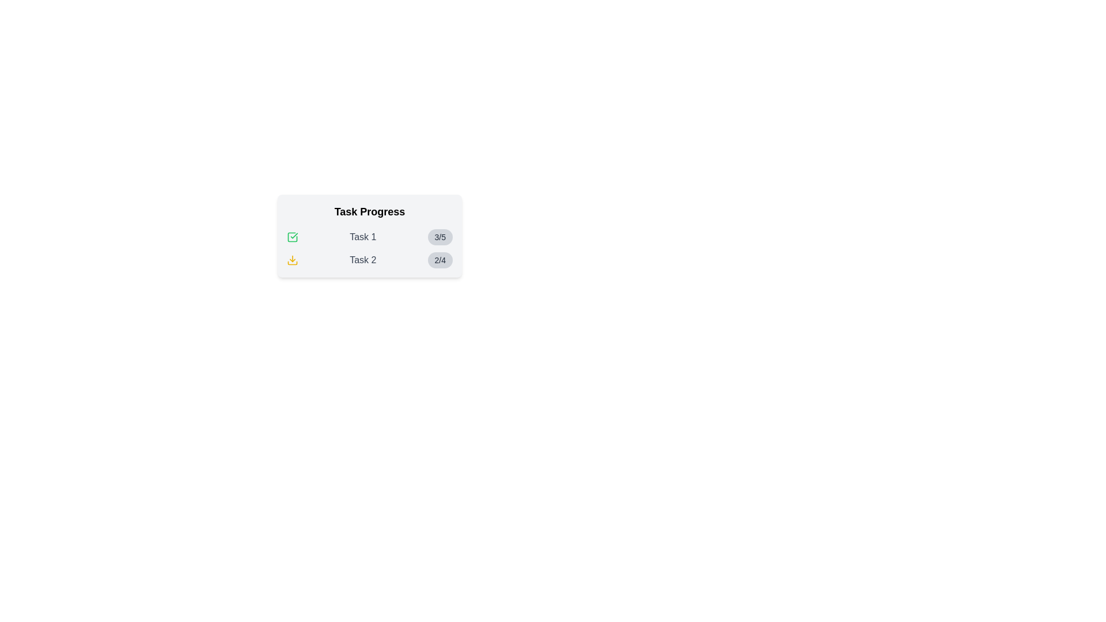 This screenshot has width=1106, height=622. What do you see at coordinates (370, 237) in the screenshot?
I see `the textual label 'Task 1' of the first list item in the vertically stacked list, which contains a green checkmark icon and a progress indicator` at bounding box center [370, 237].